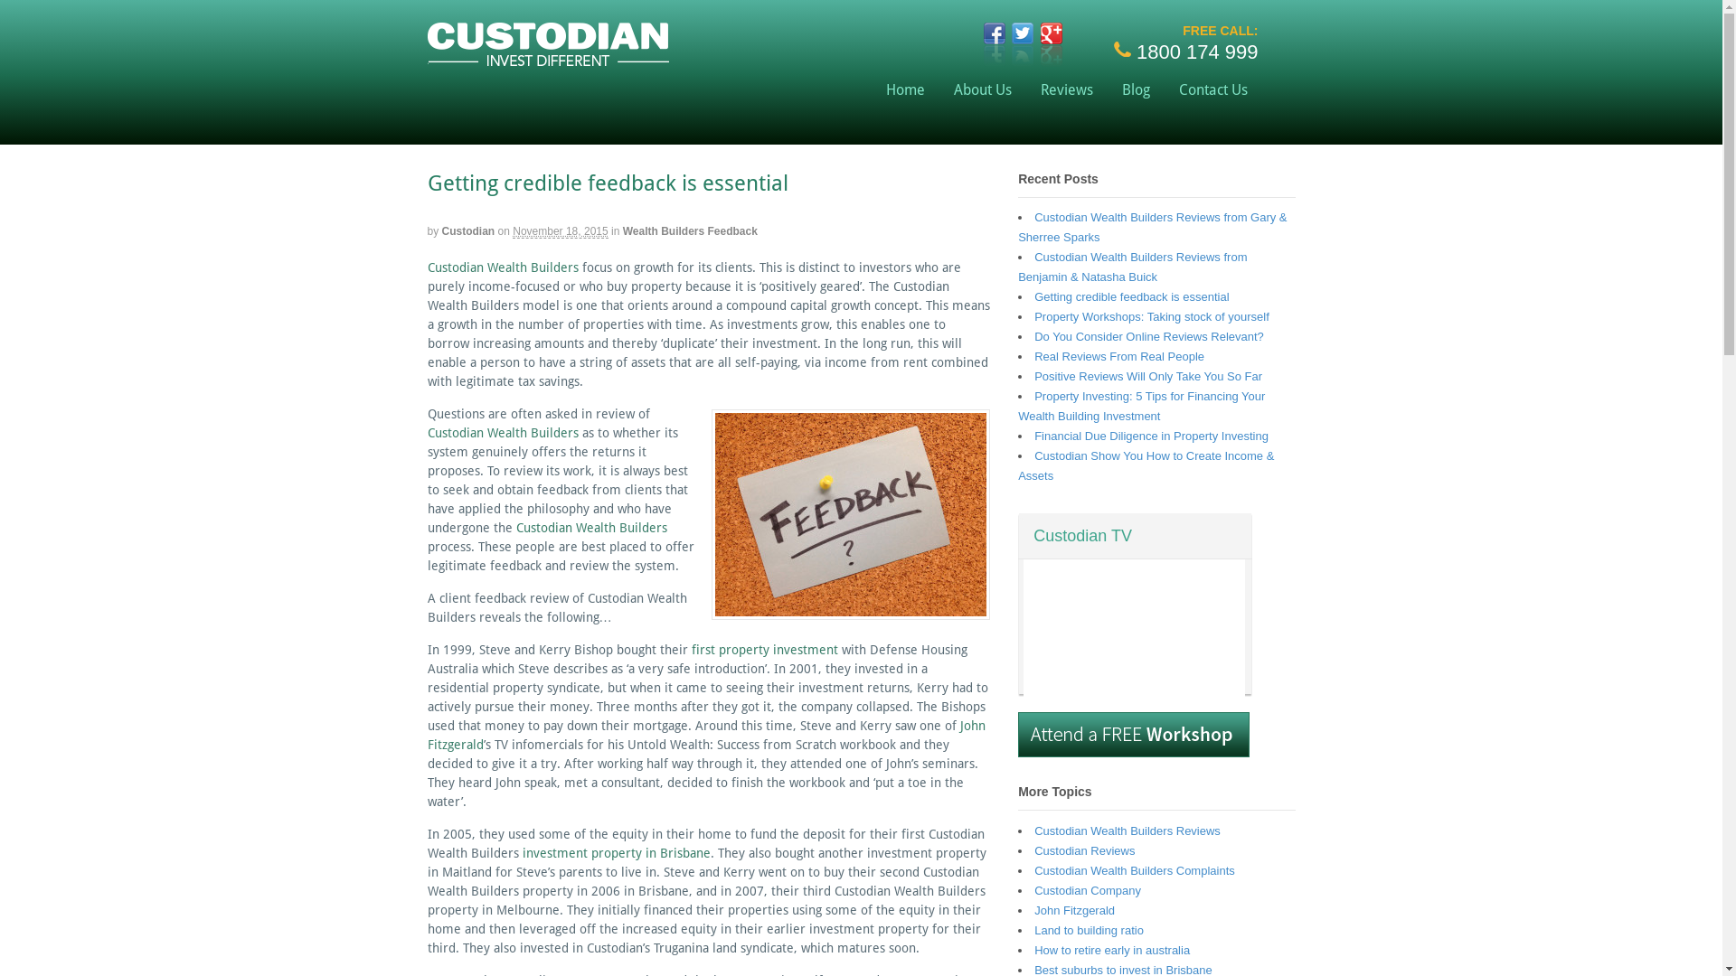 This screenshot has width=1736, height=976. What do you see at coordinates (1133, 869) in the screenshot?
I see `'Custodian Wealth Builders Complaints'` at bounding box center [1133, 869].